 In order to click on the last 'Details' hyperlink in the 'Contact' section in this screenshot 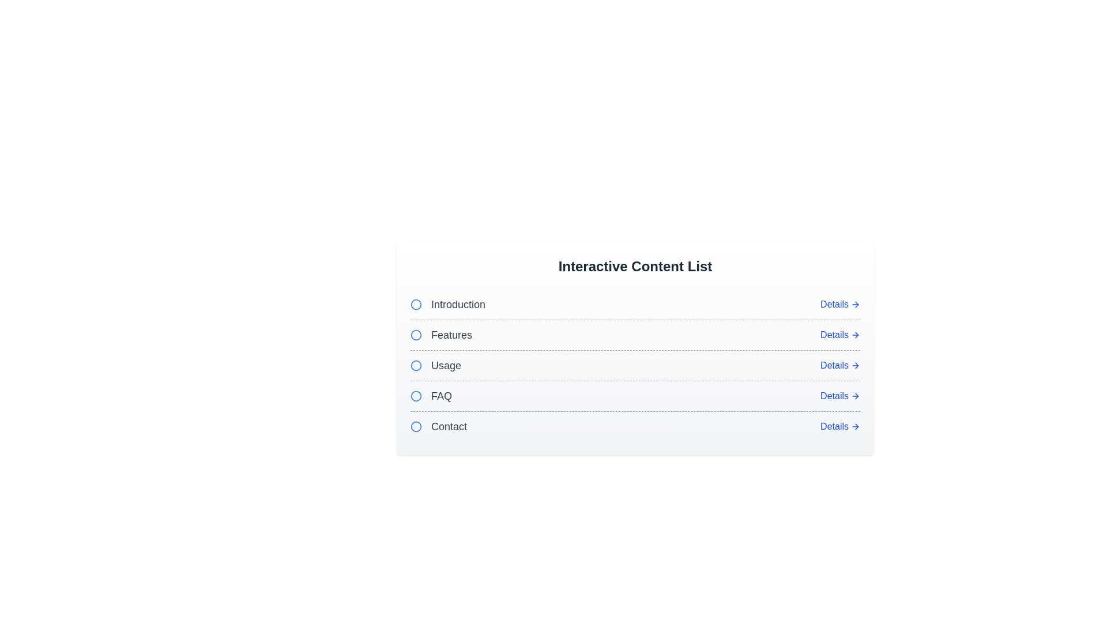, I will do `click(840, 426)`.